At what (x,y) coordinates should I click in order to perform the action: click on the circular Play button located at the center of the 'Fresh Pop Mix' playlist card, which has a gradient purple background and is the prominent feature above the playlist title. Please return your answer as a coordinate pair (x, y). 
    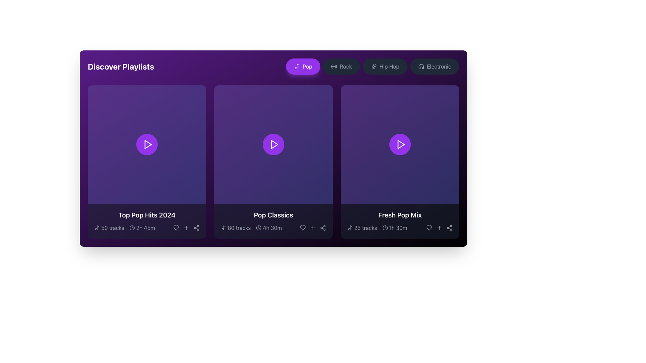
    Looking at the image, I should click on (400, 144).